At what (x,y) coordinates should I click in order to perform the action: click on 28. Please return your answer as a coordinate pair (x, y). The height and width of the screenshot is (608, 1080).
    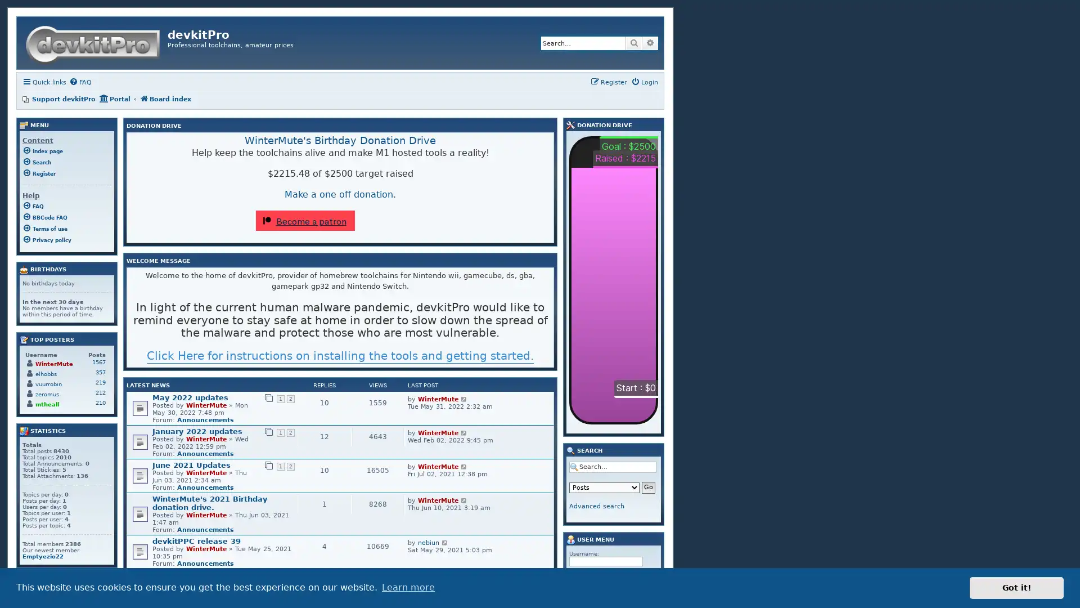
    Looking at the image, I should click on (543, 575).